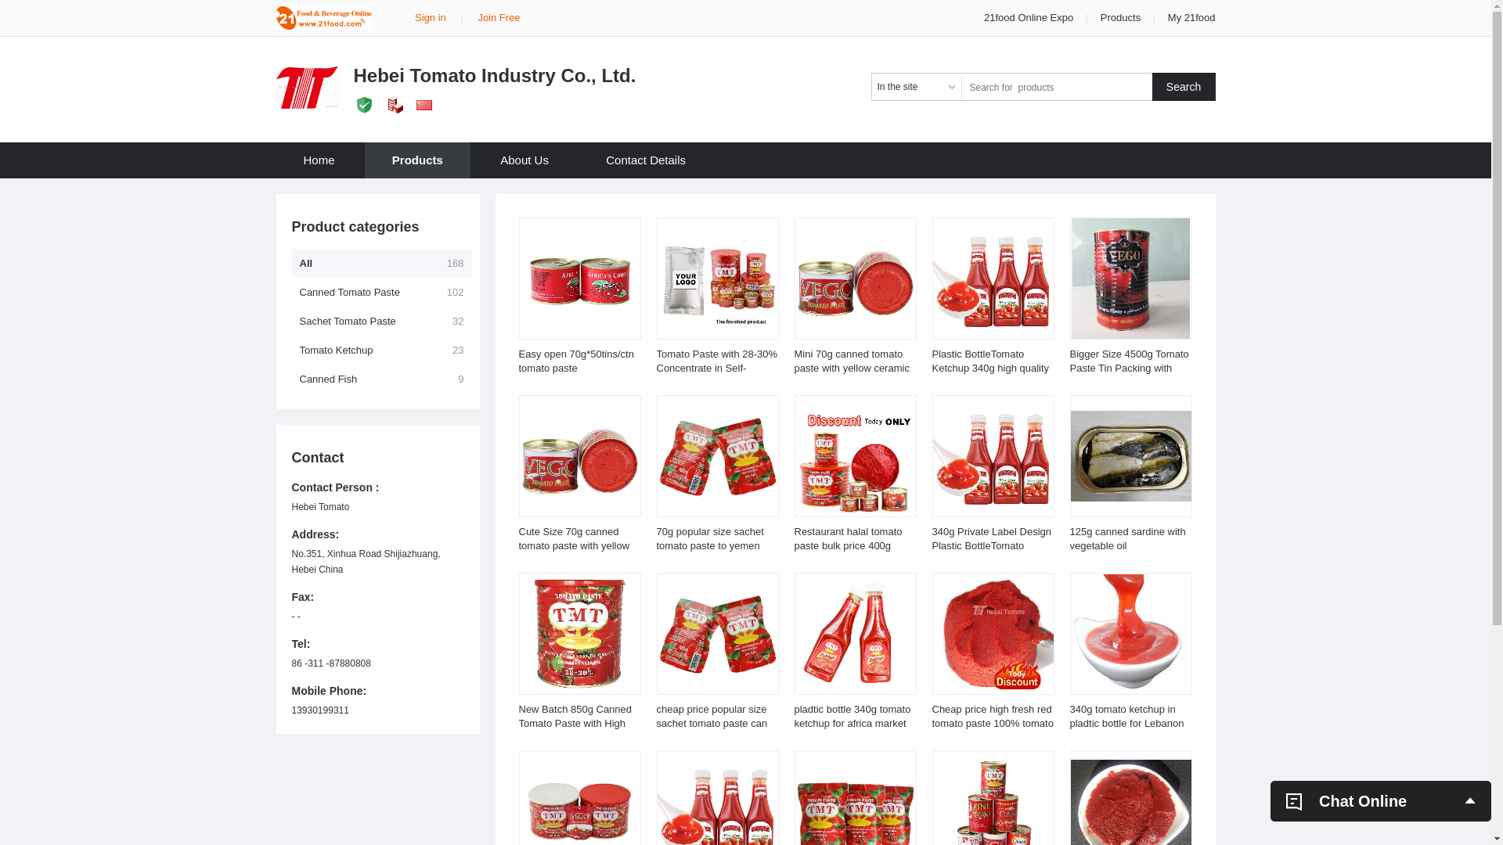 This screenshot has width=1503, height=845. What do you see at coordinates (1126, 723) in the screenshot?
I see `'340g tomato ketchup in pladtic bottle for Lebanon market'` at bounding box center [1126, 723].